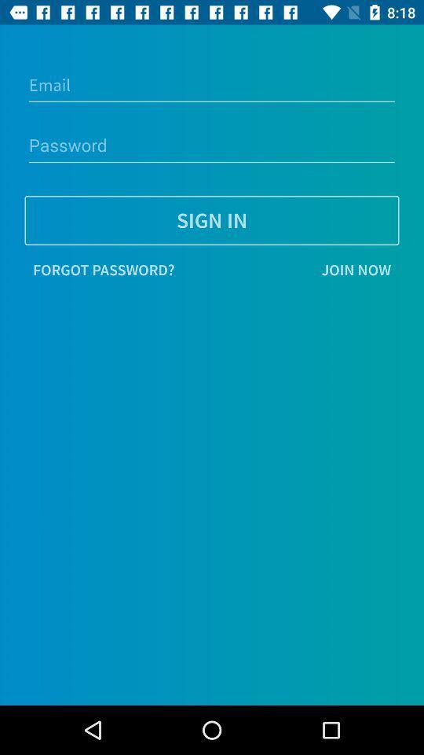 The height and width of the screenshot is (755, 424). Describe the element at coordinates (212, 219) in the screenshot. I see `sign in item` at that location.